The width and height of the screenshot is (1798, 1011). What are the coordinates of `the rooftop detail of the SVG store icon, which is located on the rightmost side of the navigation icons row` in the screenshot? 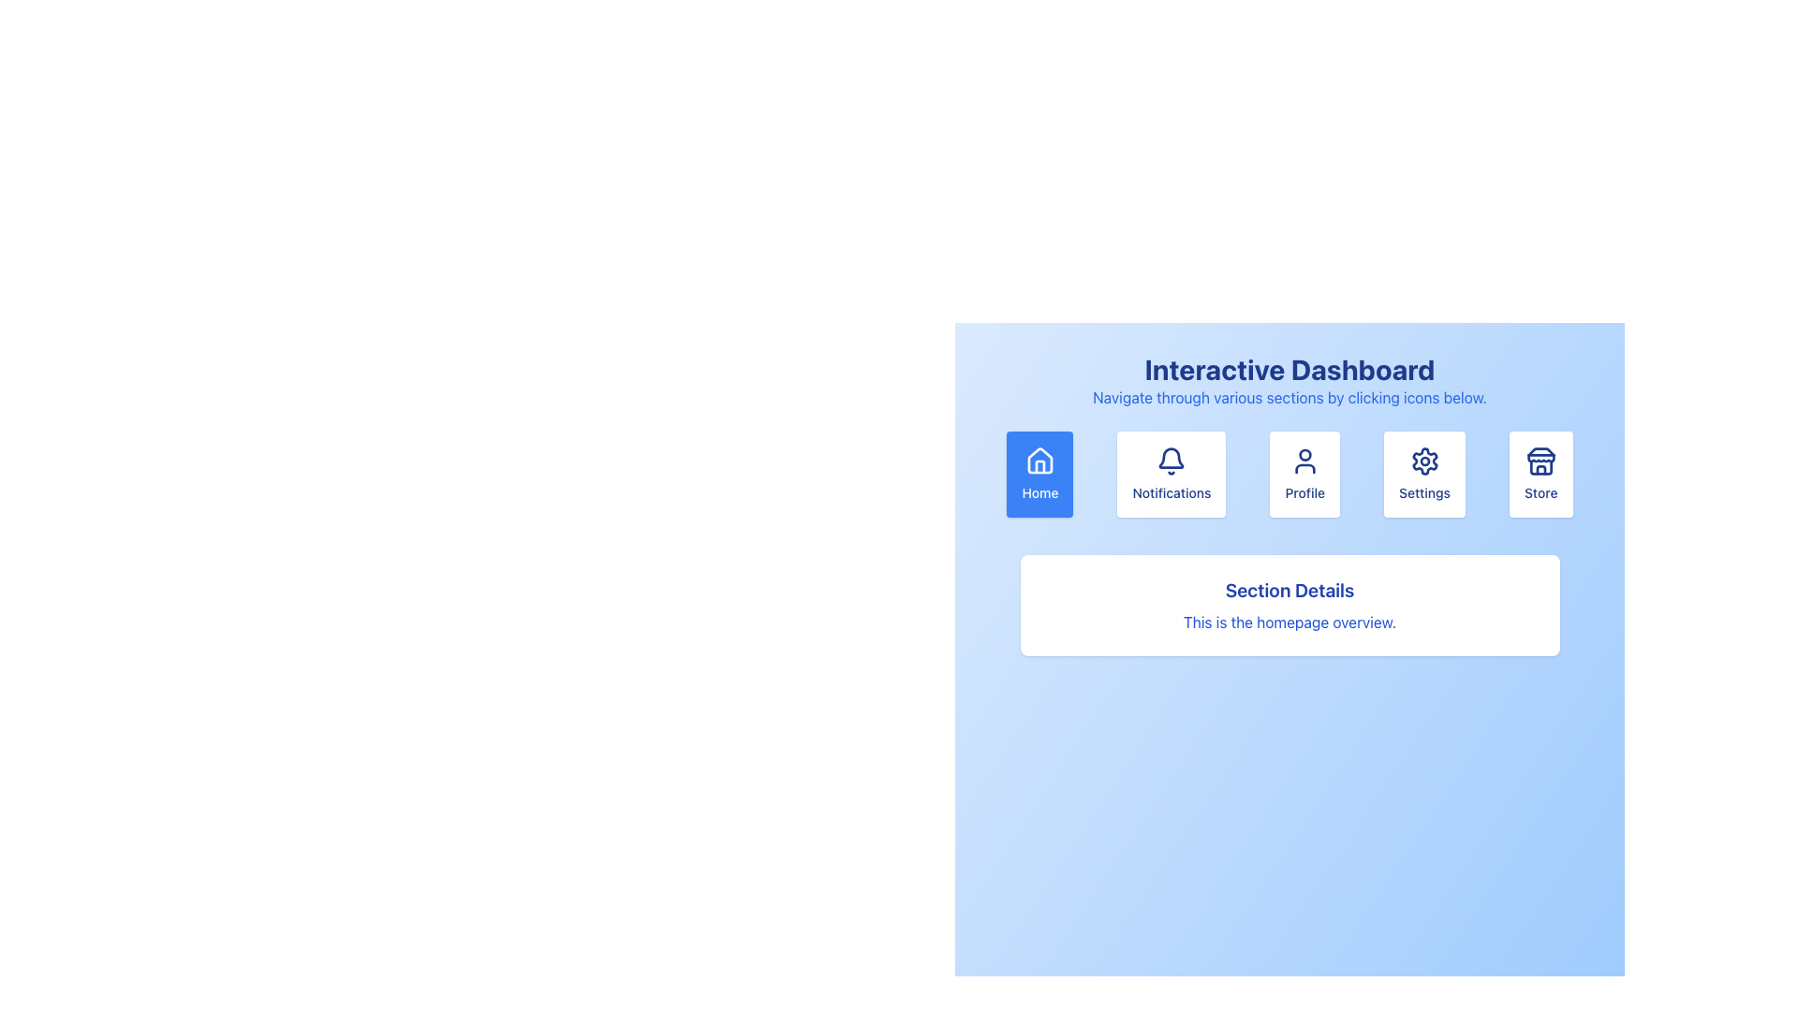 It's located at (1540, 451).